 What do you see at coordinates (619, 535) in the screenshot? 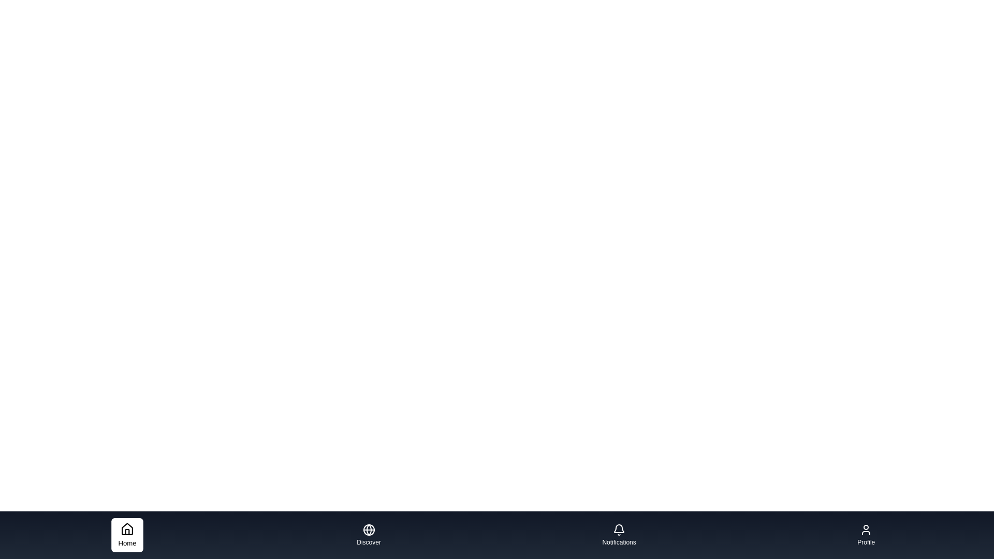
I see `the Notifications tab to activate it and observe the visual change` at bounding box center [619, 535].